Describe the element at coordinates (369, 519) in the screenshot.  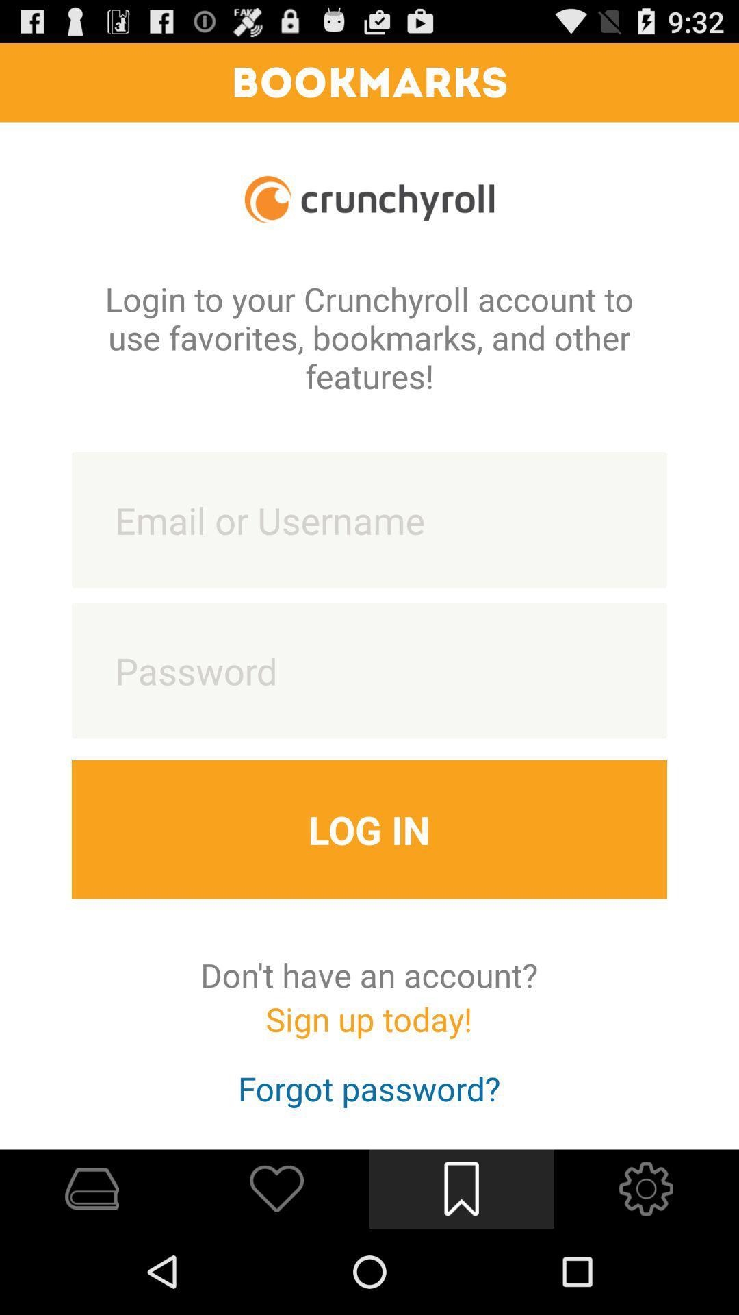
I see `login username or password` at that location.